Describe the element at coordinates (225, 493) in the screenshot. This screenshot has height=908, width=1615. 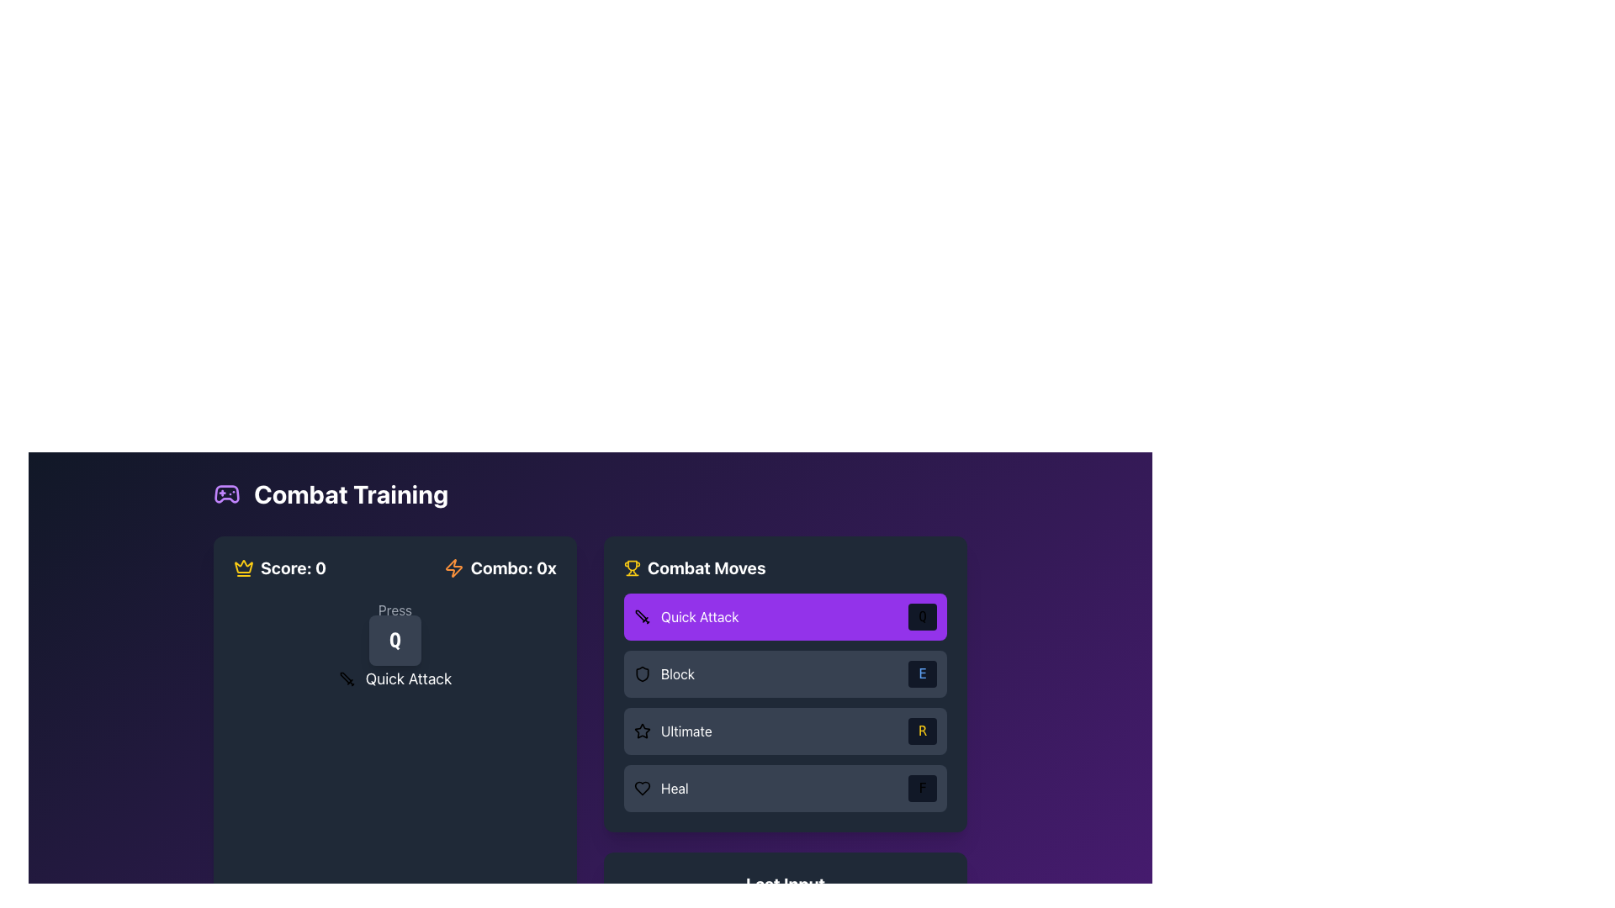
I see `the small, purple-colored gamepad icon located to the left of the 'Combat Training' title text on a dark background` at that location.